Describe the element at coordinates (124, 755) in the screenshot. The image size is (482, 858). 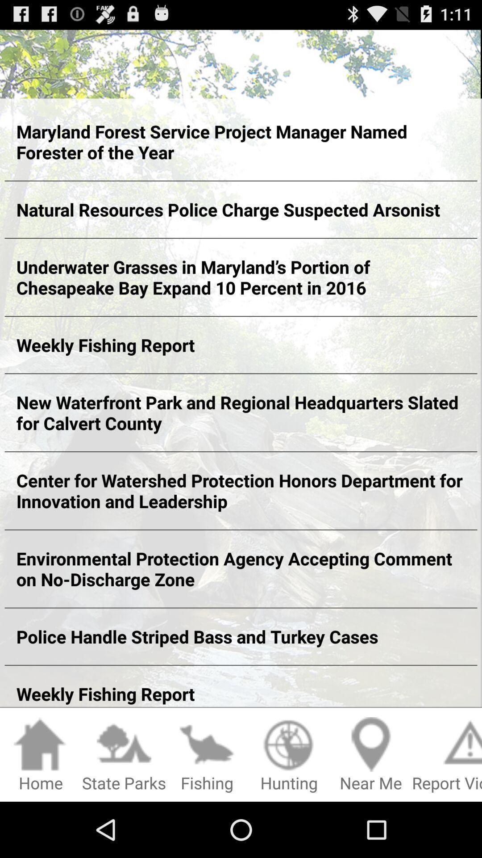
I see `item next to fishing icon` at that location.